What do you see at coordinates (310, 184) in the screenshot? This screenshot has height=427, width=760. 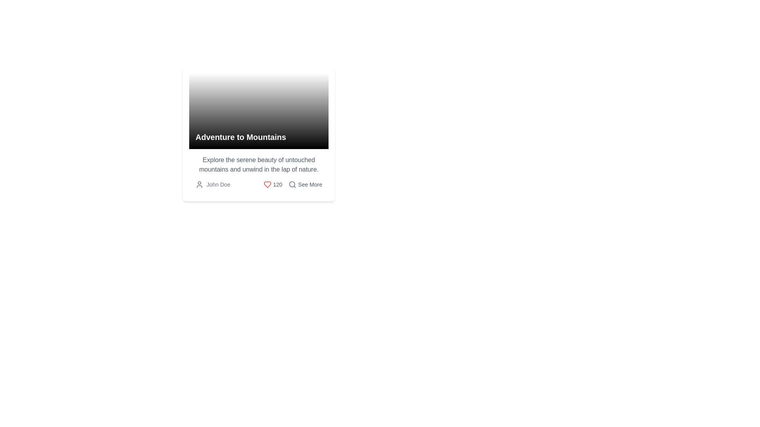 I see `the Text label located at the bottom-right corner of its containing card layout, which prompts the user` at bounding box center [310, 184].